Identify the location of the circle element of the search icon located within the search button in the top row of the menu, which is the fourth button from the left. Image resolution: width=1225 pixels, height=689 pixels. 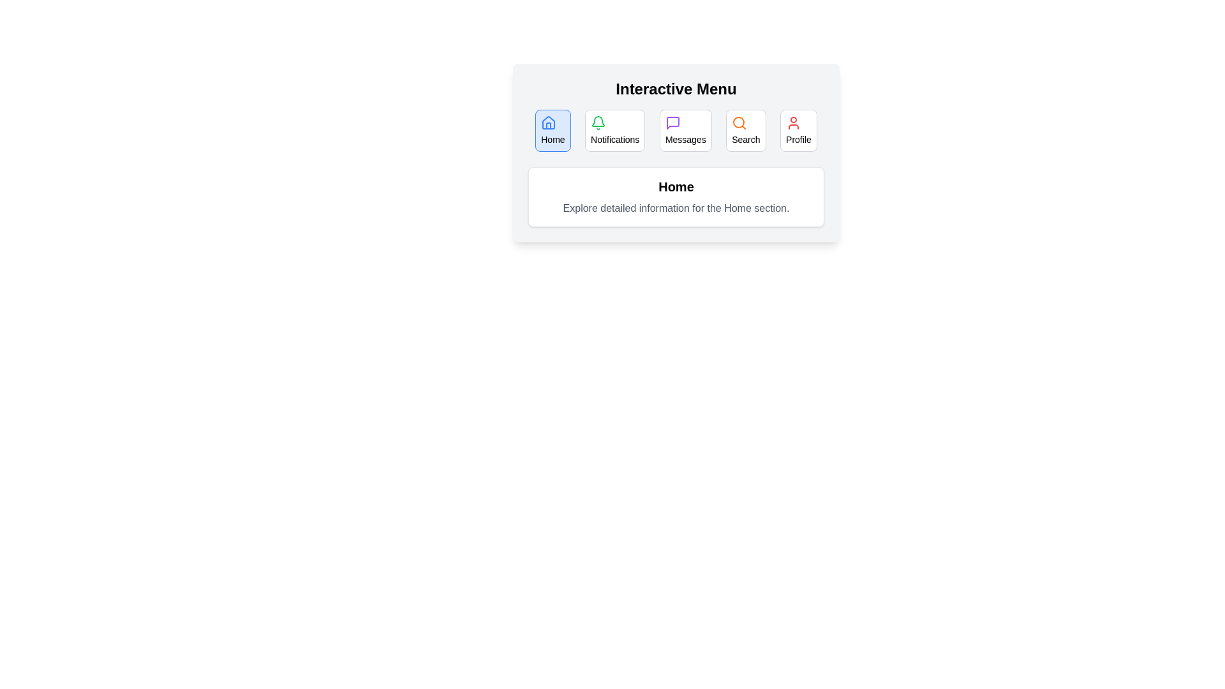
(739, 122).